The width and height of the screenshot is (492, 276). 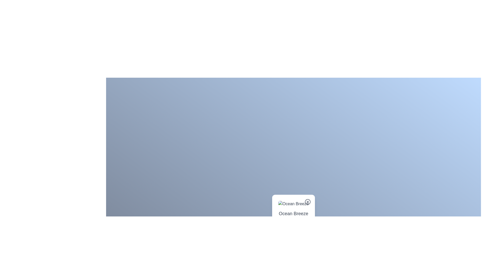 What do you see at coordinates (307, 202) in the screenshot?
I see `the close button located at the top-right corner of the text label, which serves` at bounding box center [307, 202].